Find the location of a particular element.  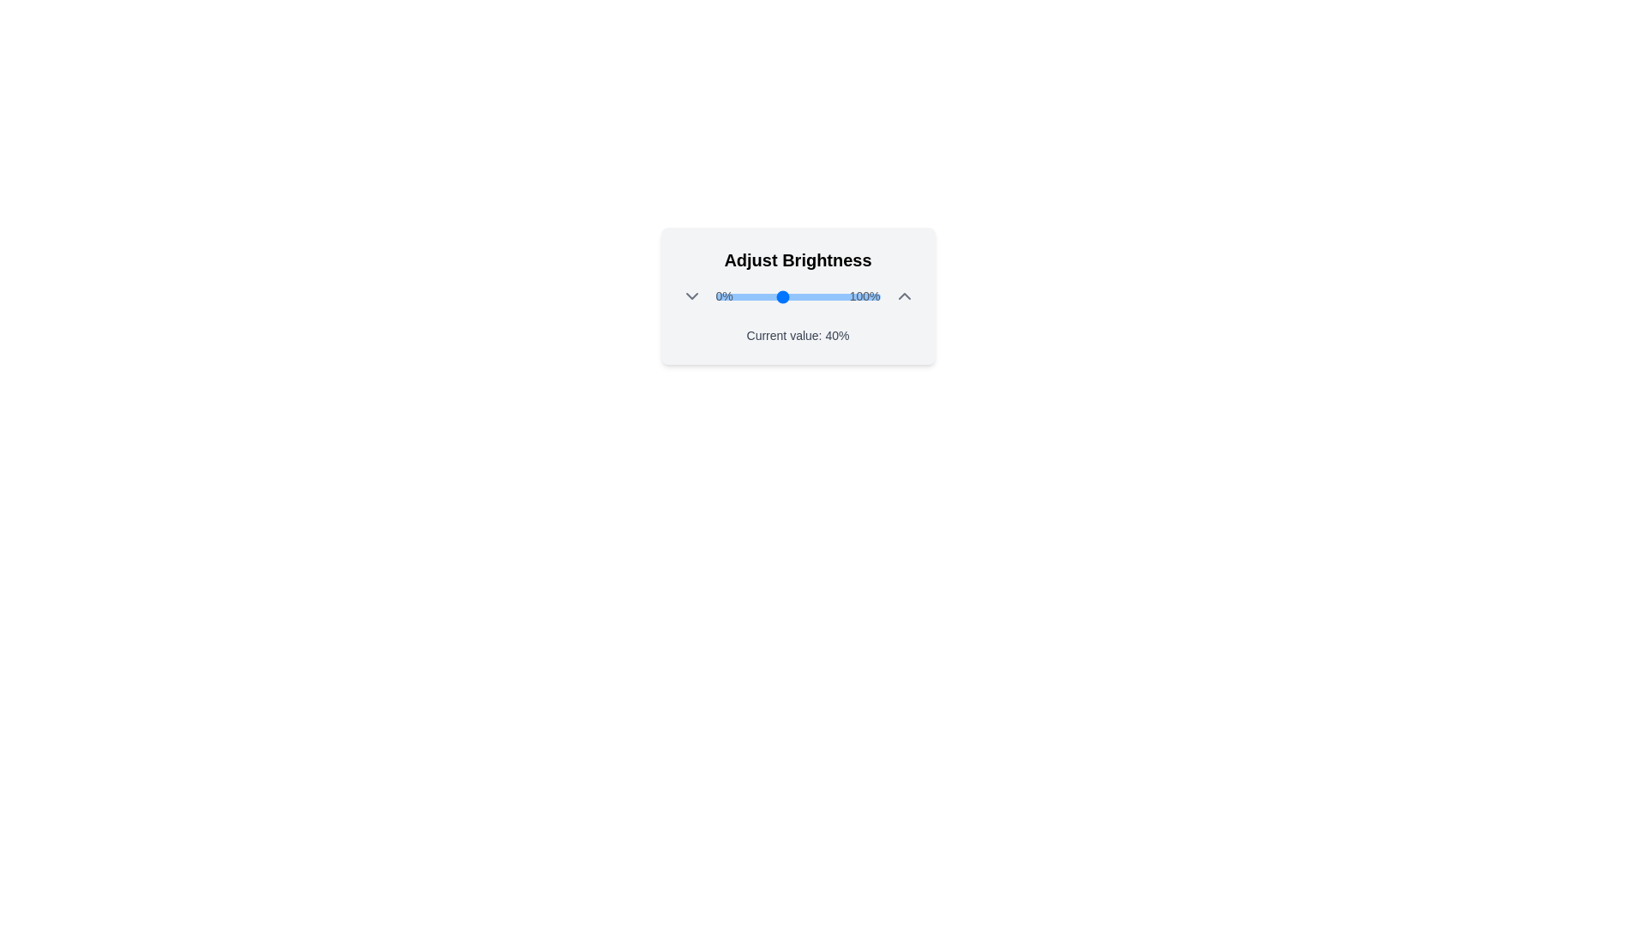

brightness is located at coordinates (786, 296).